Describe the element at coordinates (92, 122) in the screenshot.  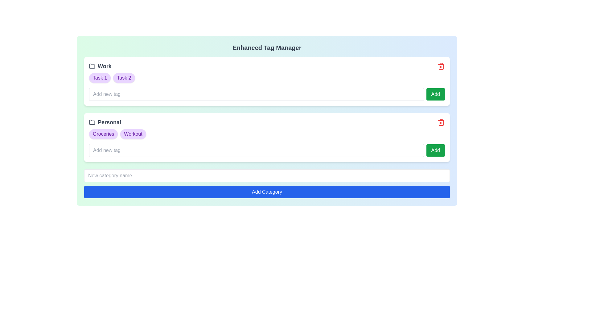
I see `the classic folder outline SVG icon located to the left of the 'Personal' text label, which is part of the category header` at that location.